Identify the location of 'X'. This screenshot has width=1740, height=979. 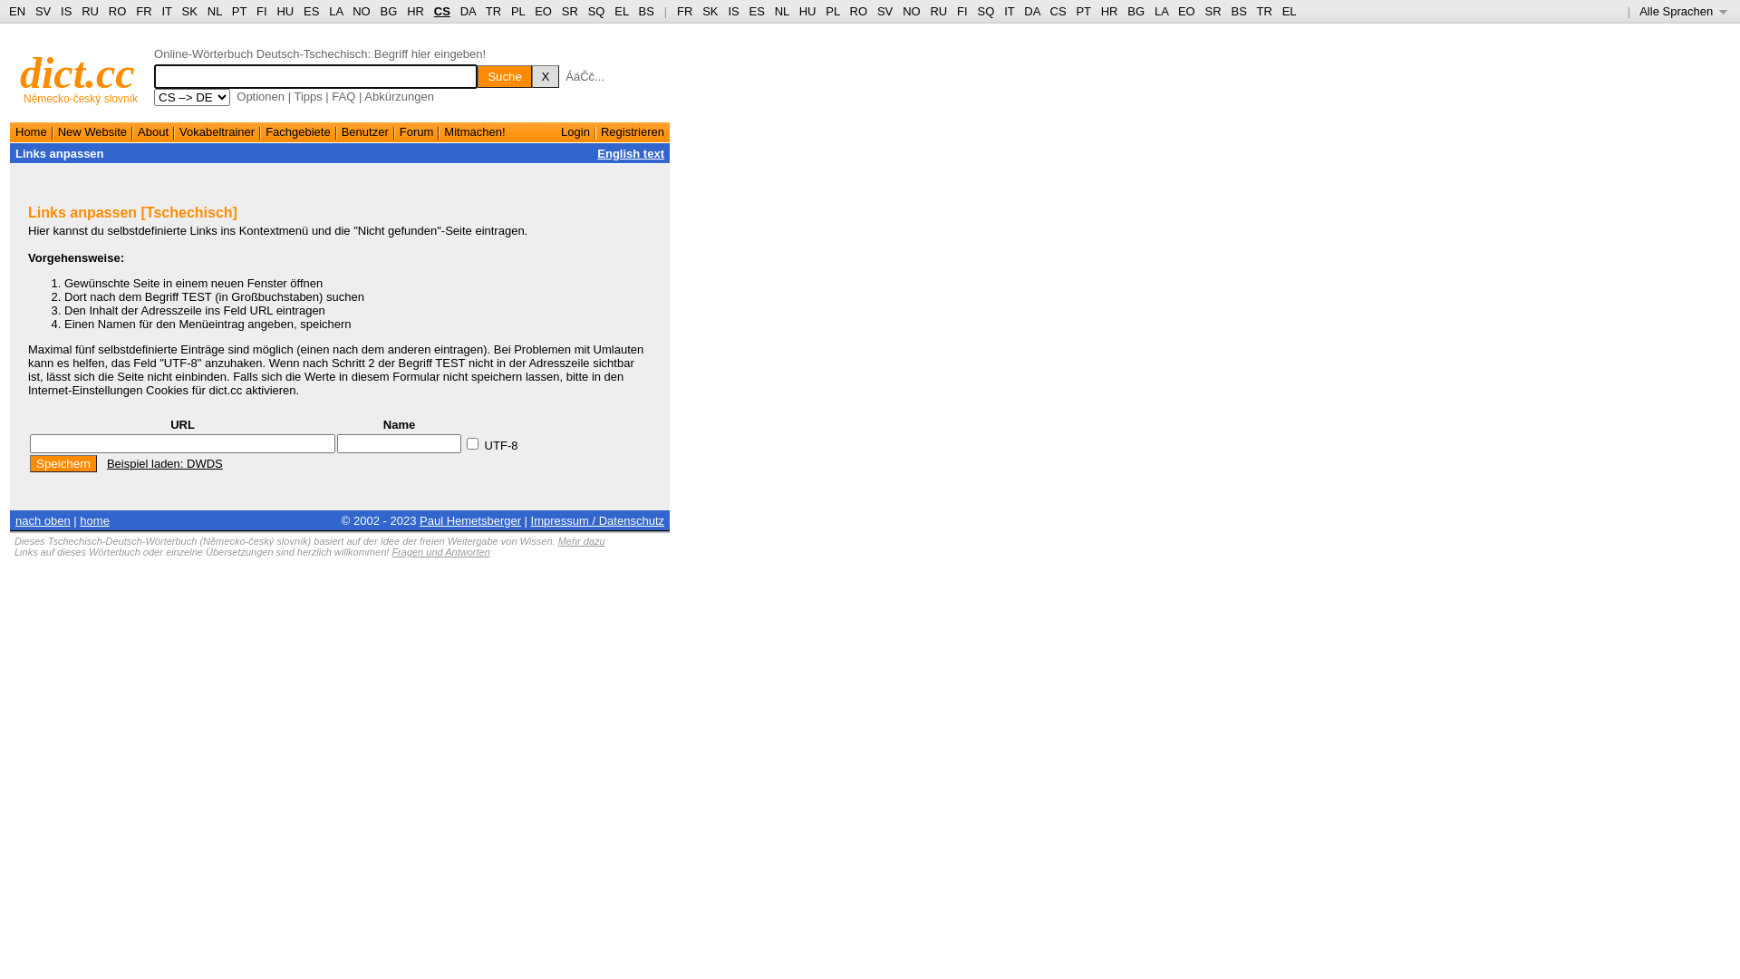
(530, 75).